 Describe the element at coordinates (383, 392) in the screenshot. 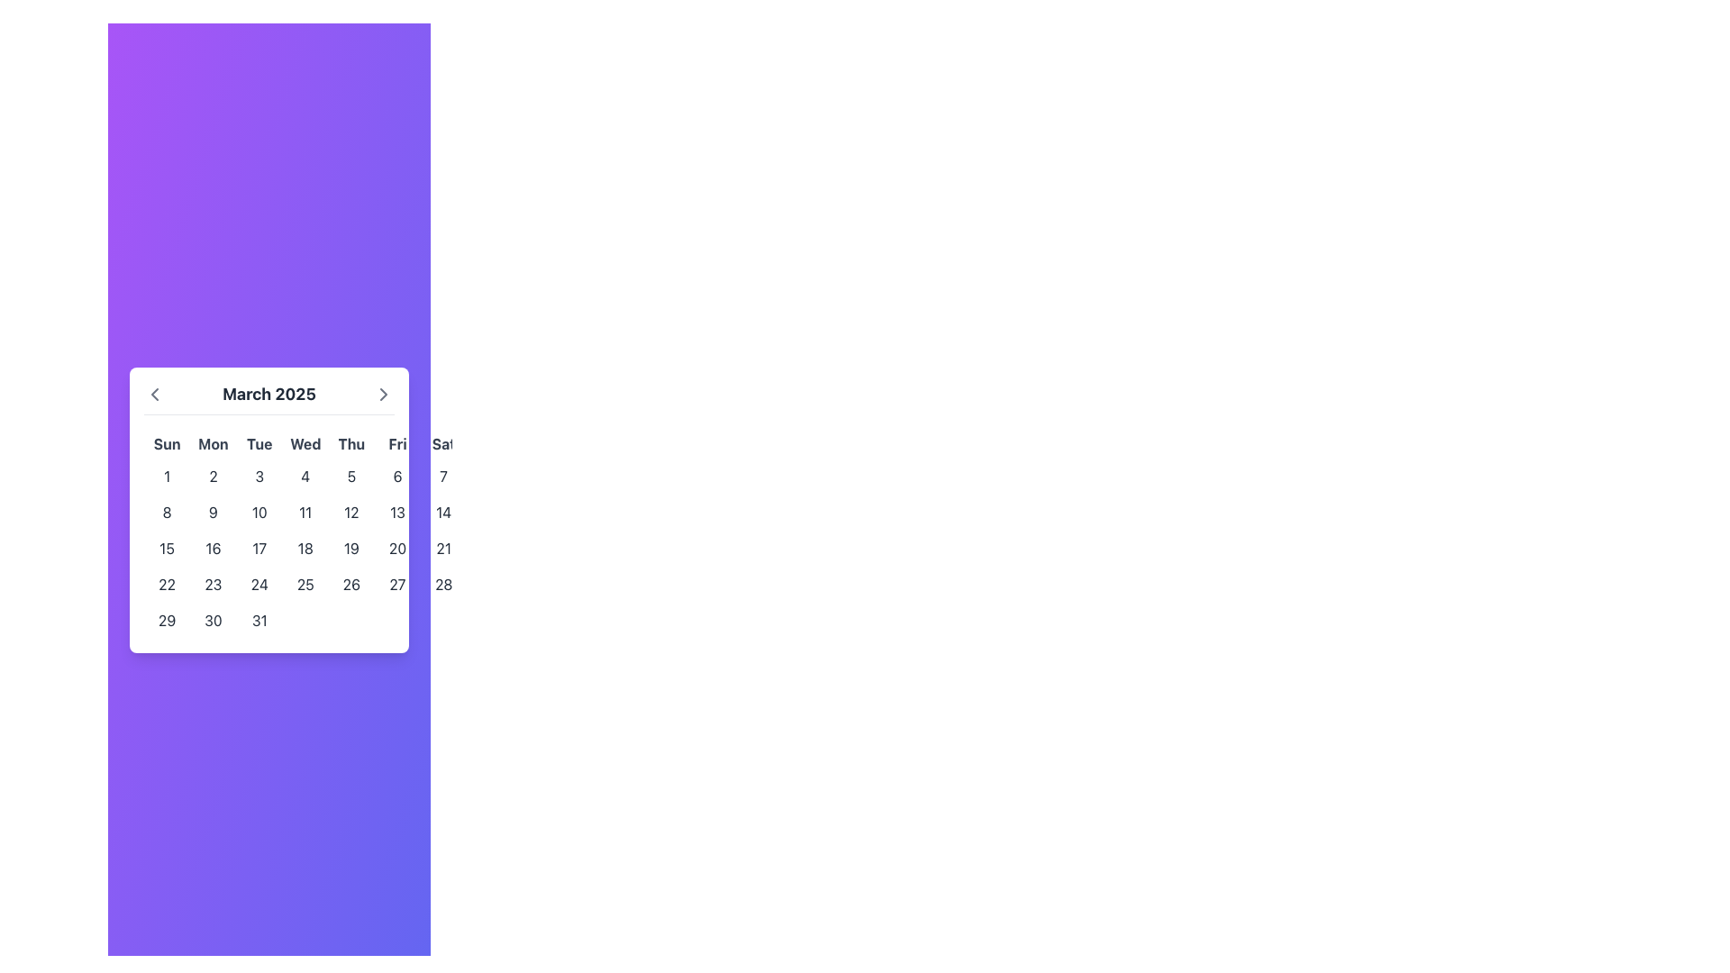

I see `the chevron icon located at the top-right corner of the calendar header bar near the 'March 2025' title to receive feedback` at that location.